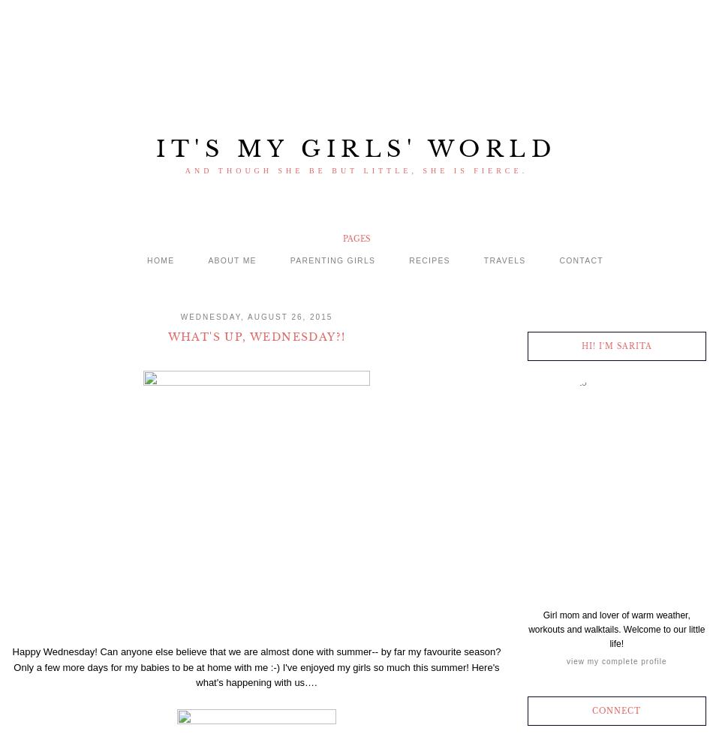 The height and width of the screenshot is (743, 713). What do you see at coordinates (255, 316) in the screenshot?
I see `'Wednesday, August 26, 2015'` at bounding box center [255, 316].